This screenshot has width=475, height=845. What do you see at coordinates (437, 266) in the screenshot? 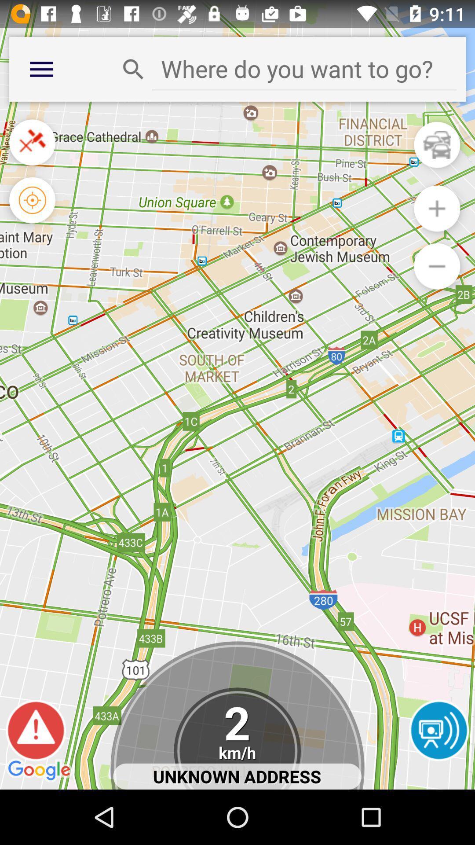
I see `zoom out` at bounding box center [437, 266].